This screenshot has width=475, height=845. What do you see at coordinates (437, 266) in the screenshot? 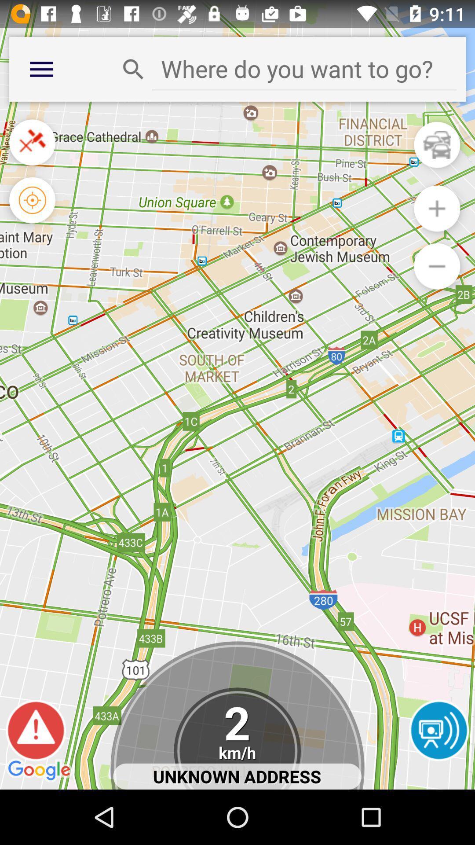
I see `zoom out` at bounding box center [437, 266].